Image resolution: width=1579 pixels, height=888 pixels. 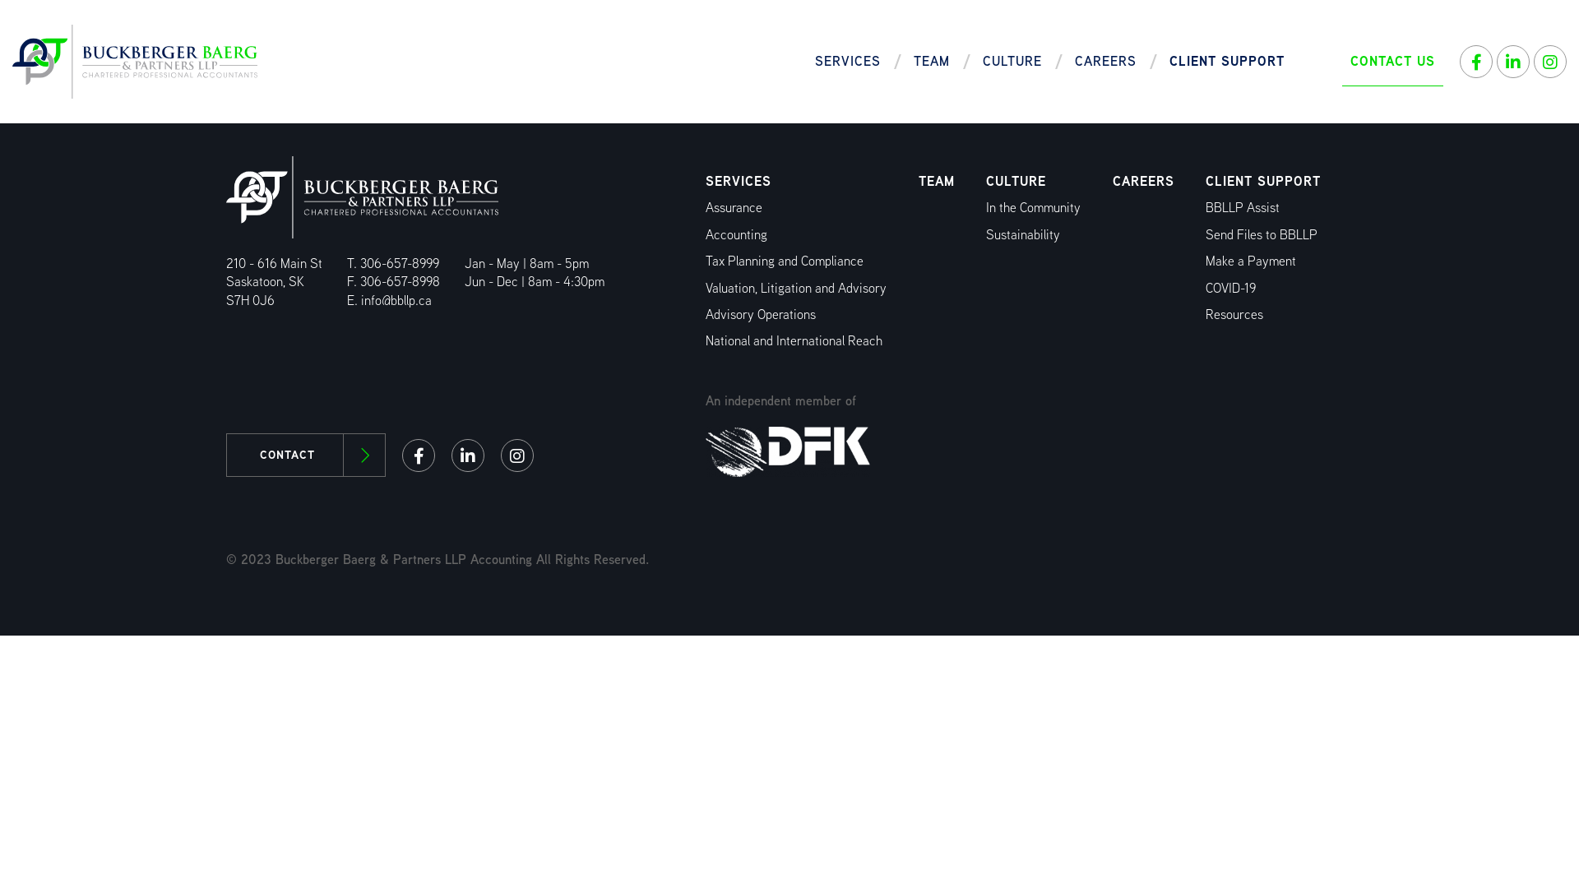 I want to click on 'In the Community', so click(x=1032, y=206).